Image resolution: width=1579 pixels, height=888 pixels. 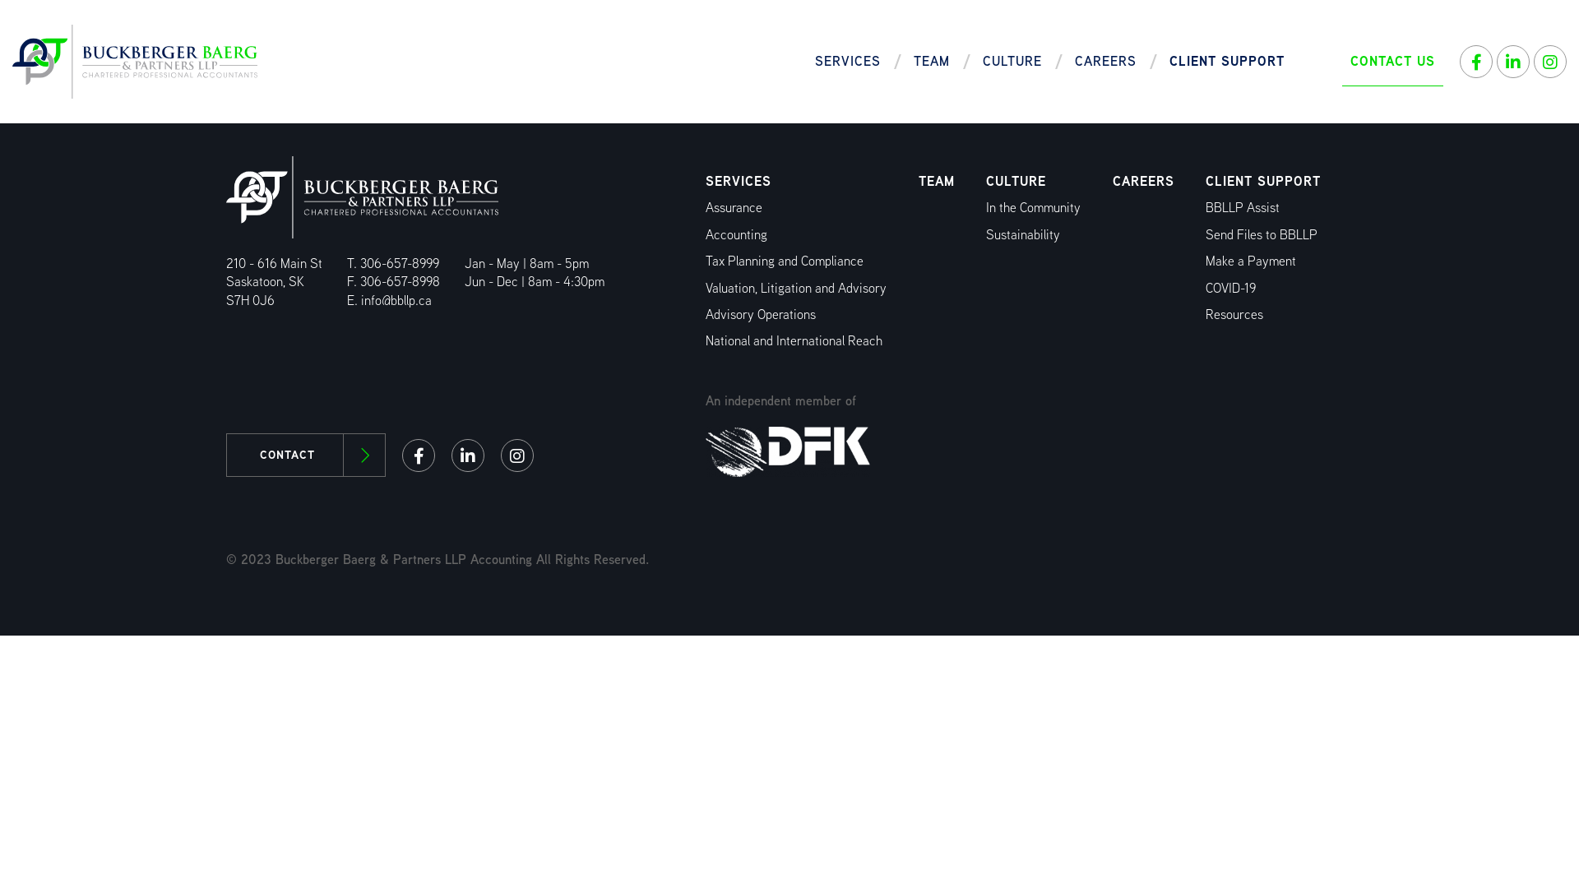 I want to click on 'In the Community', so click(x=1032, y=206).